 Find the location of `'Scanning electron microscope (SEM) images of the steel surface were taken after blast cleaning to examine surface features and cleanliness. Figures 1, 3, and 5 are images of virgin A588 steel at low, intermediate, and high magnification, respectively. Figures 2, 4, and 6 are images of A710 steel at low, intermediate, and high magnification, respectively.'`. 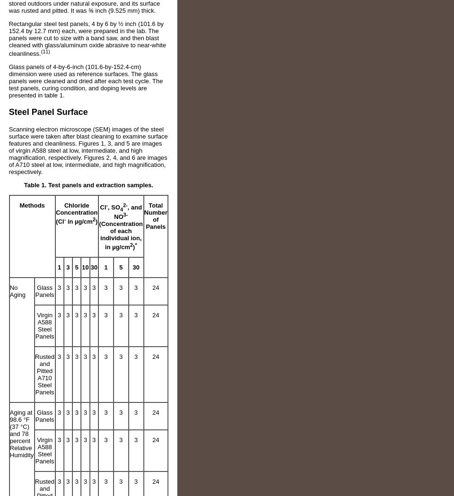

'Scanning electron microscope (SEM) images of the steel surface were taken after blast cleaning to examine surface features and cleanliness. Figures 1, 3, and 5 are images of virgin A588 steel at low, intermediate, and high magnification, respectively. Figures 2, 4, and 6 are images of A710 steel at low, intermediate, and high magnification, respectively.' is located at coordinates (8, 150).